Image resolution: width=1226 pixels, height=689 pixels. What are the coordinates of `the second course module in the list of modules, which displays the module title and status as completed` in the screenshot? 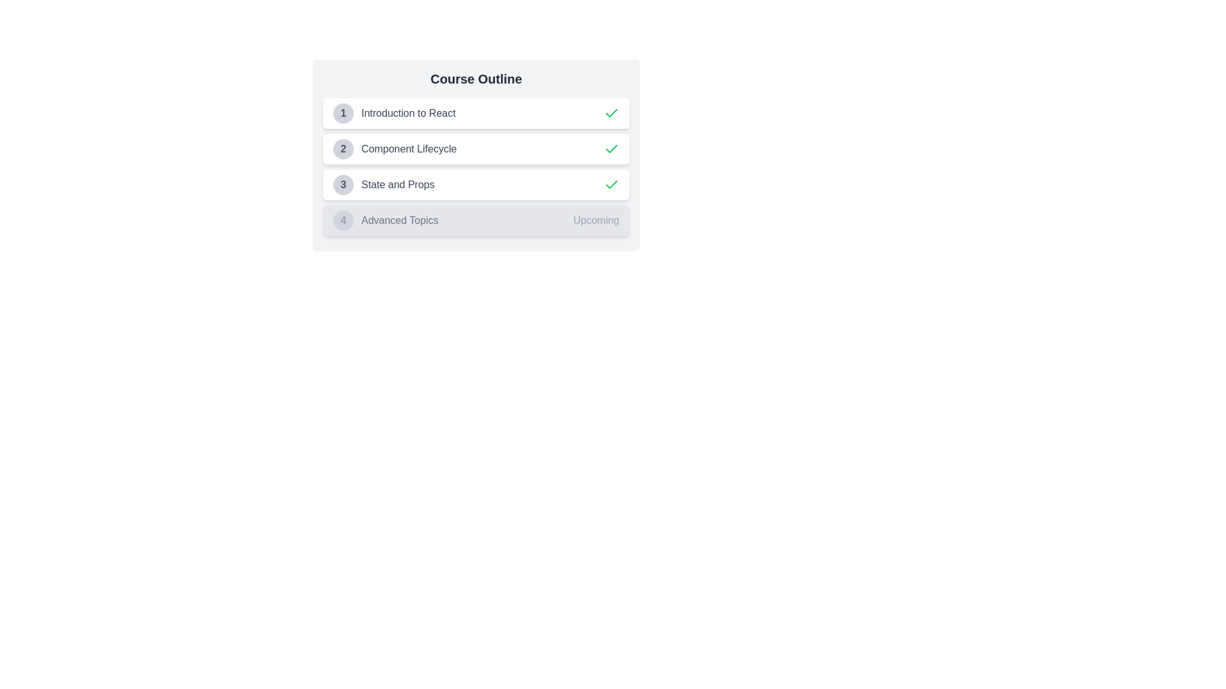 It's located at (475, 154).